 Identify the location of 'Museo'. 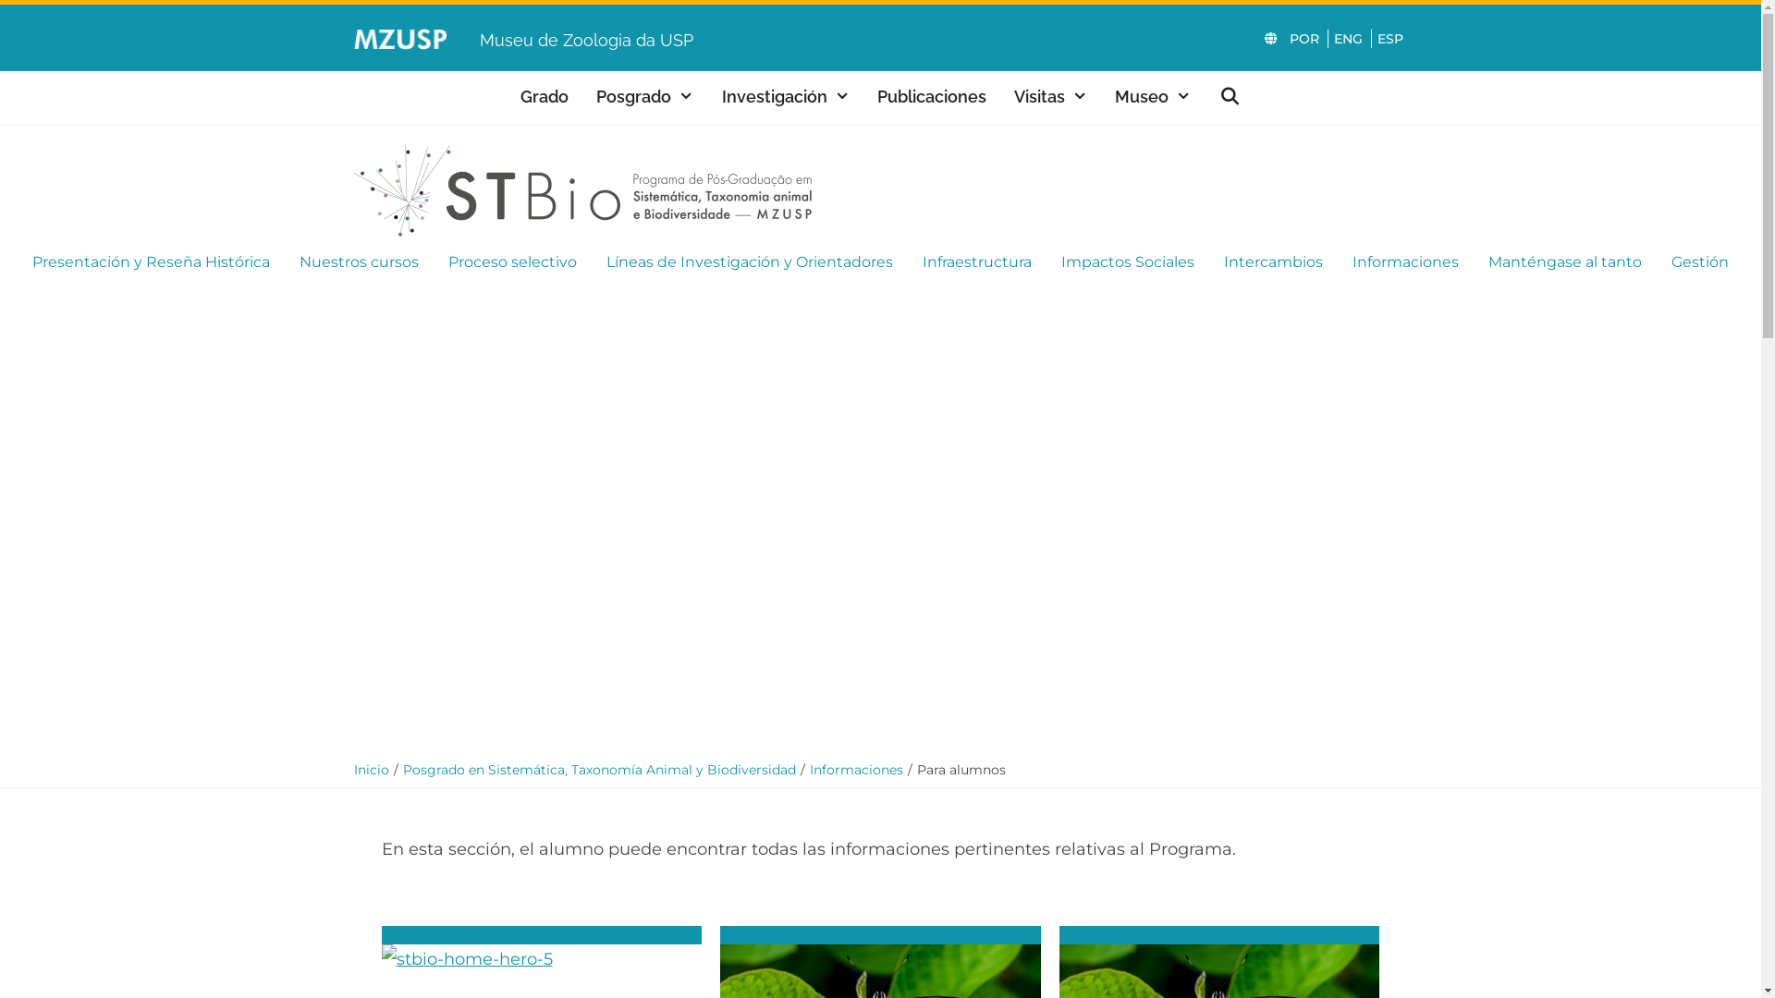
(1152, 98).